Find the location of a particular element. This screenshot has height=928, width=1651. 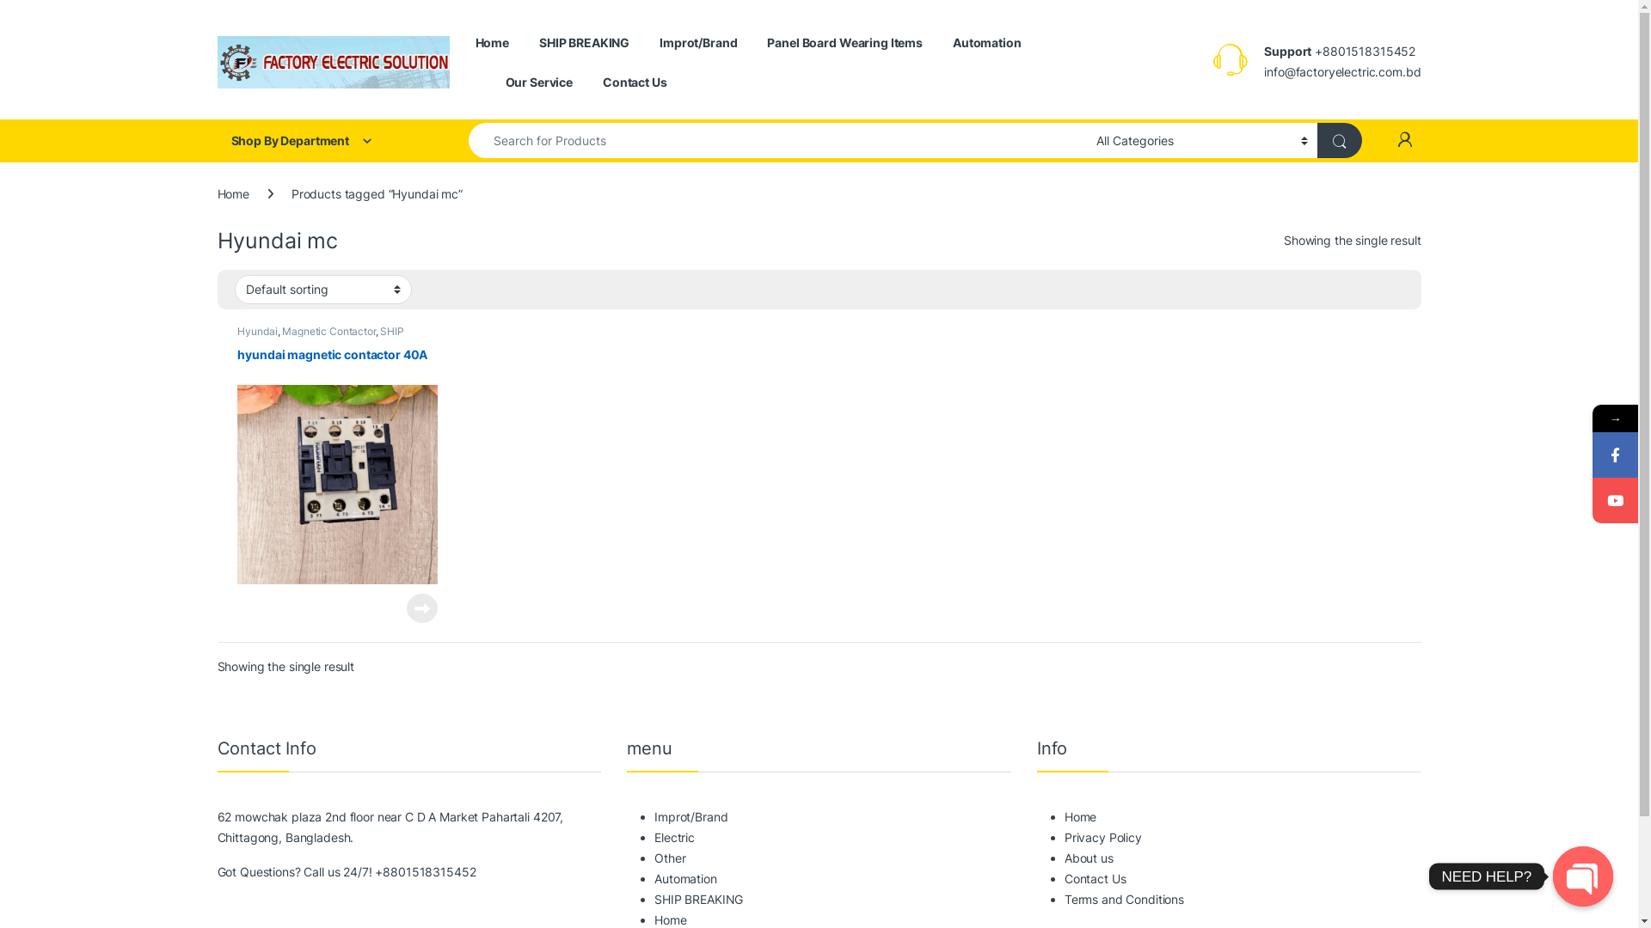

'About us' is located at coordinates (1088, 858).